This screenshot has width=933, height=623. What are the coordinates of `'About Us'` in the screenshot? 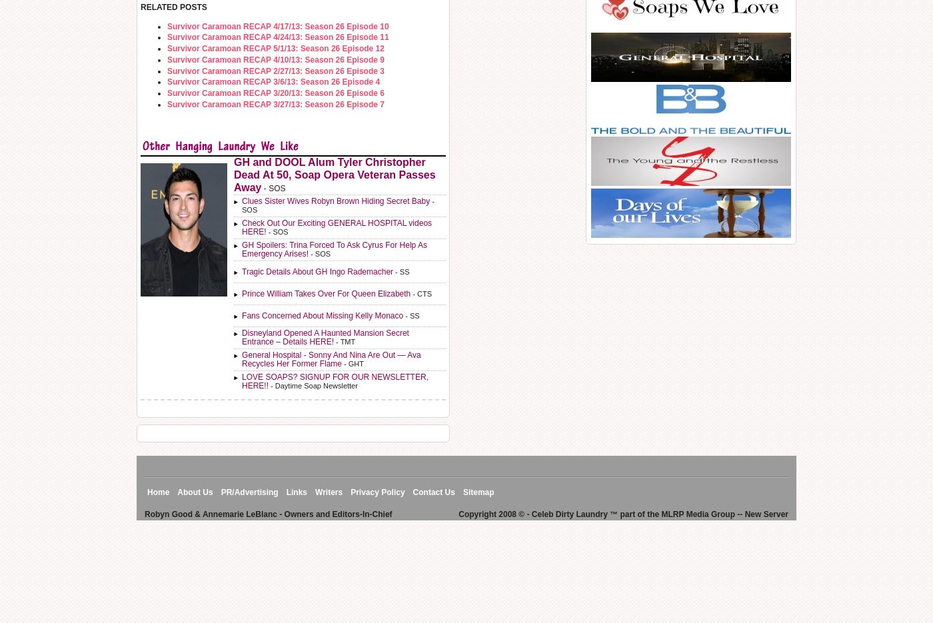 It's located at (195, 492).